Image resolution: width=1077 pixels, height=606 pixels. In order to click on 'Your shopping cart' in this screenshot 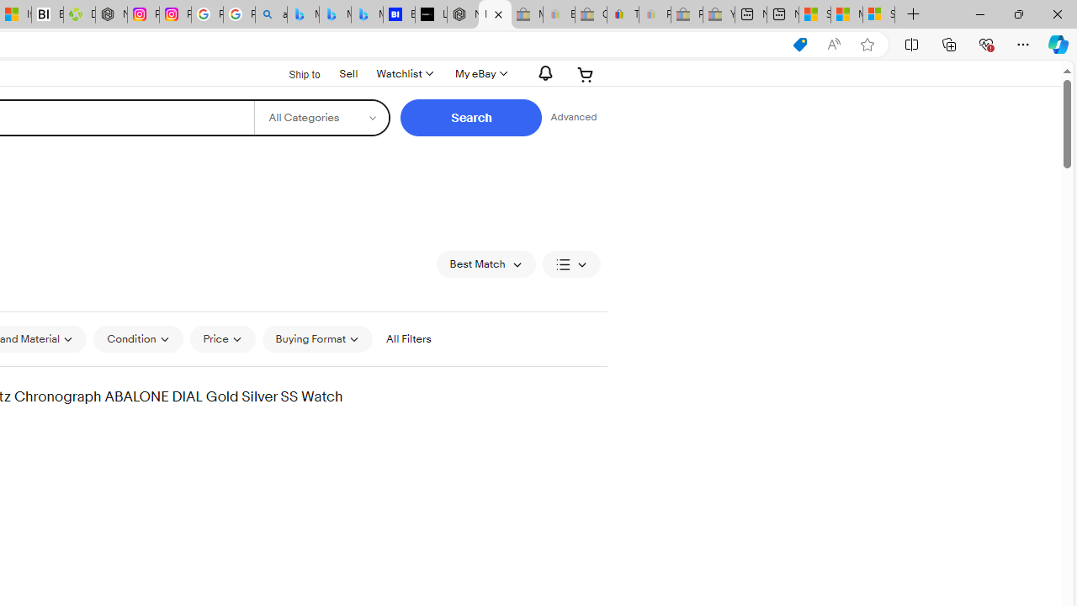, I will do `click(586, 73)`.